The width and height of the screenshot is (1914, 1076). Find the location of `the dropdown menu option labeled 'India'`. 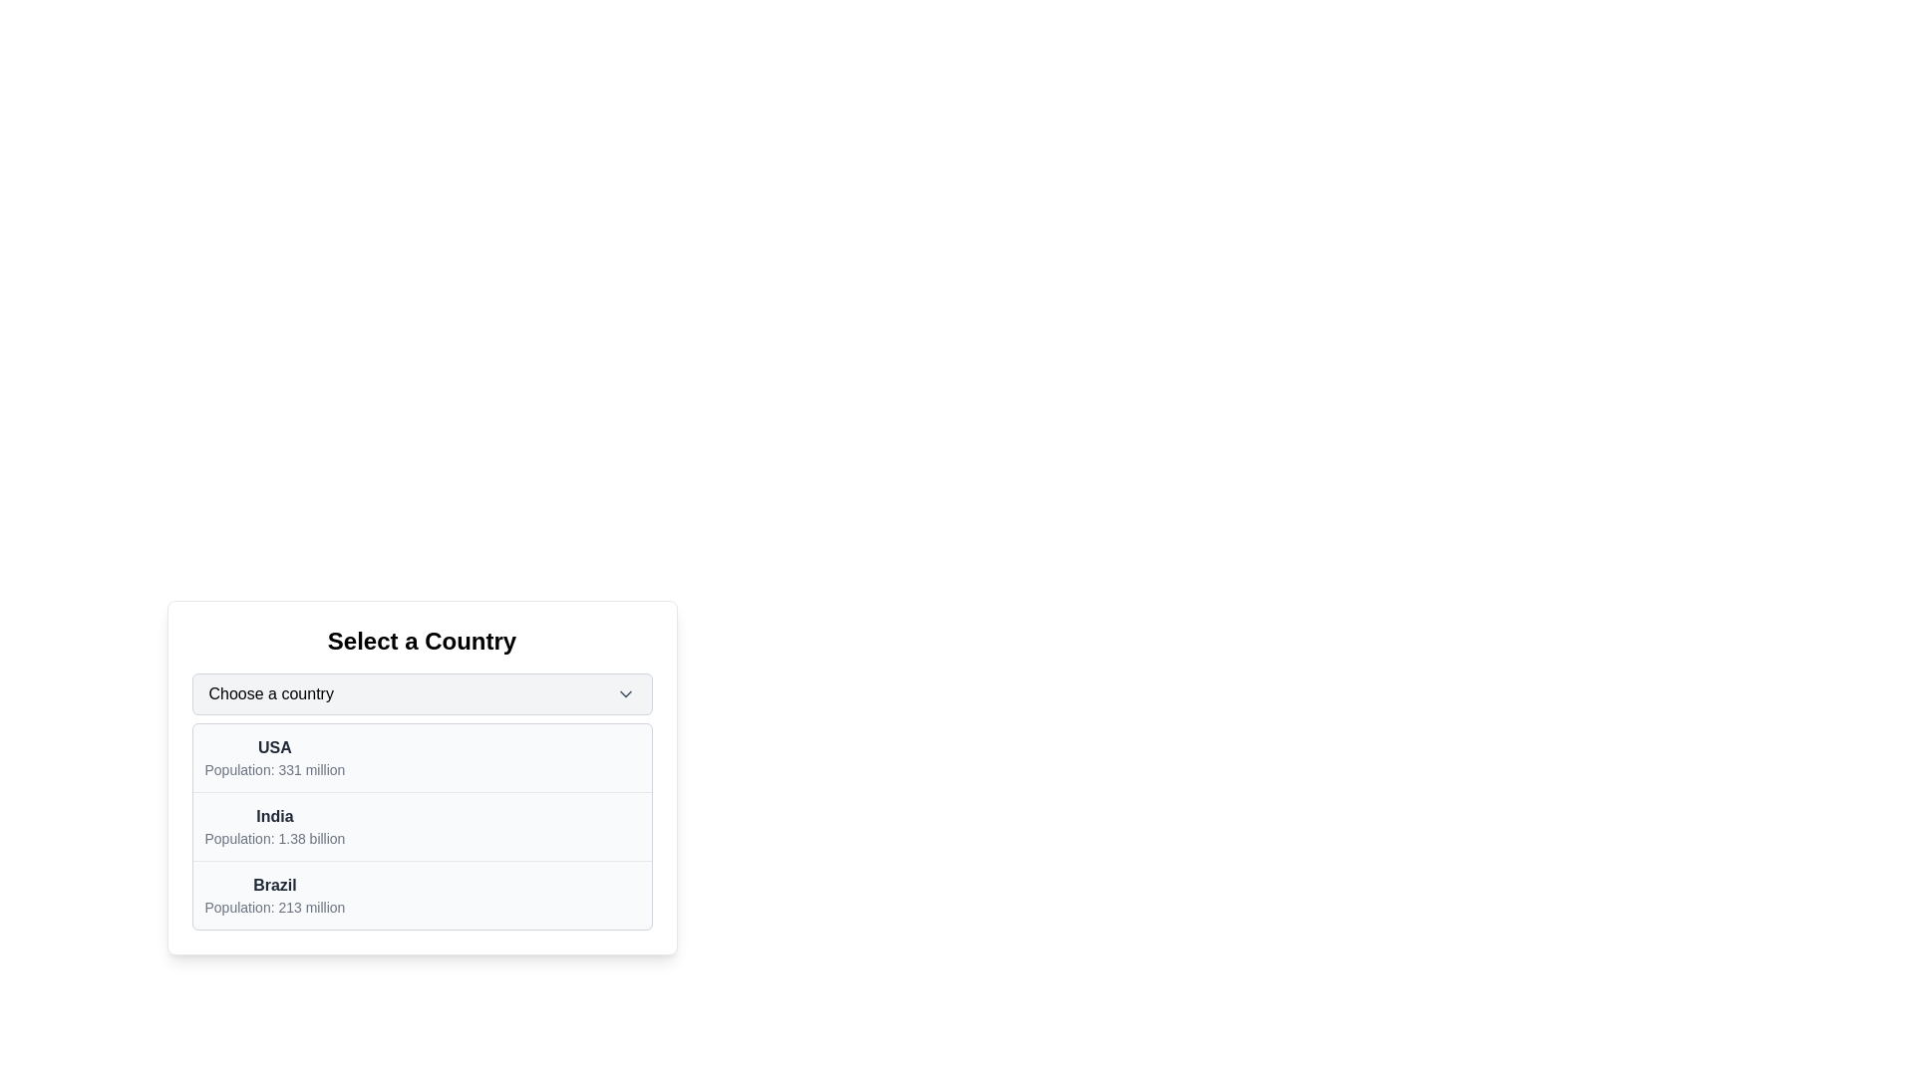

the dropdown menu option labeled 'India' is located at coordinates (421, 826).